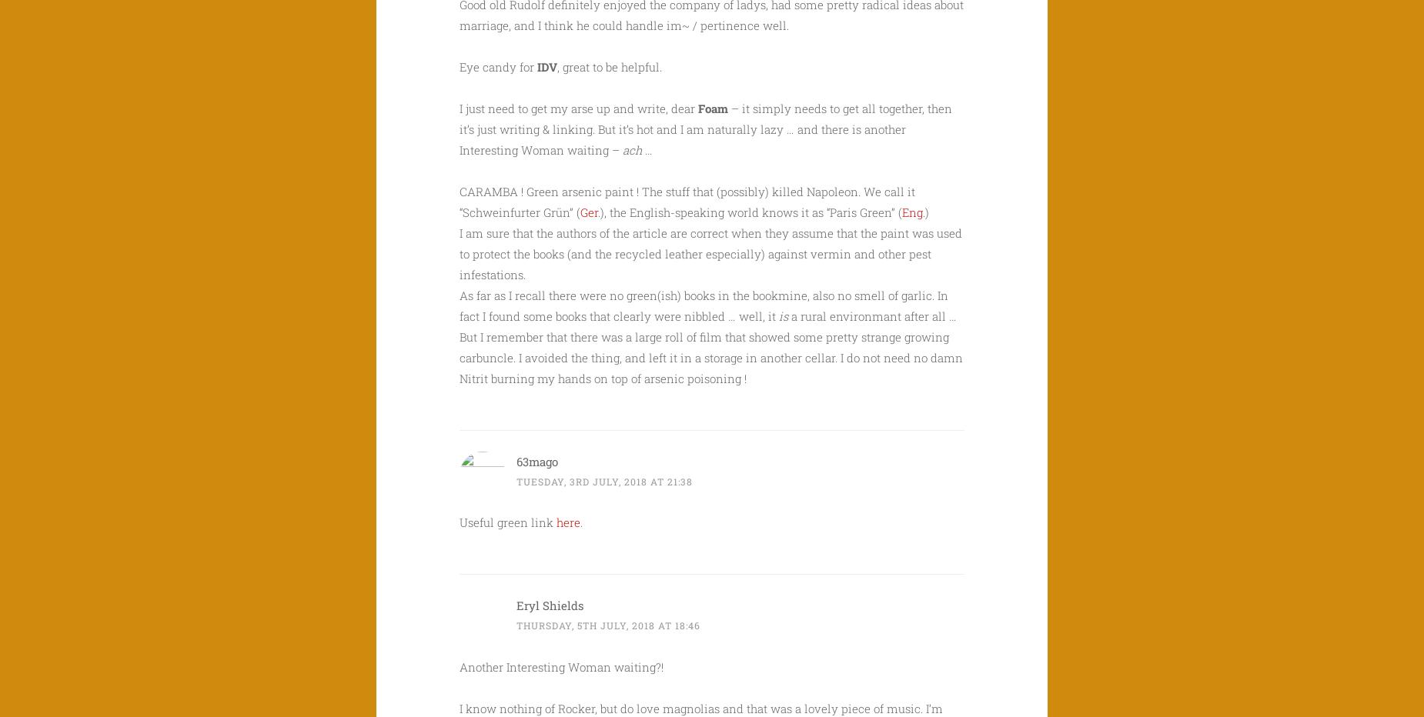  What do you see at coordinates (704, 304) in the screenshot?
I see `'As far as I recall there were no green(ish) books in the bookmine, also no smell of garlic. In fact I found some books that clearly were nibbled … well, it'` at bounding box center [704, 304].